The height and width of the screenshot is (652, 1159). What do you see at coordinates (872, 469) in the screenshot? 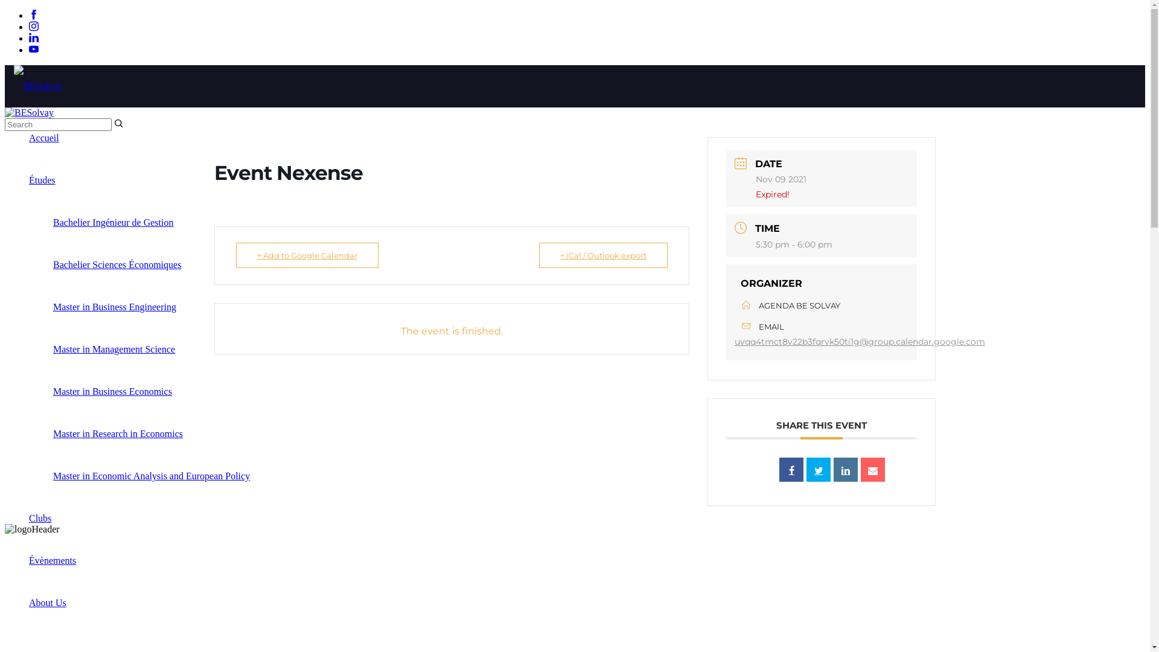
I see `'Email'` at bounding box center [872, 469].